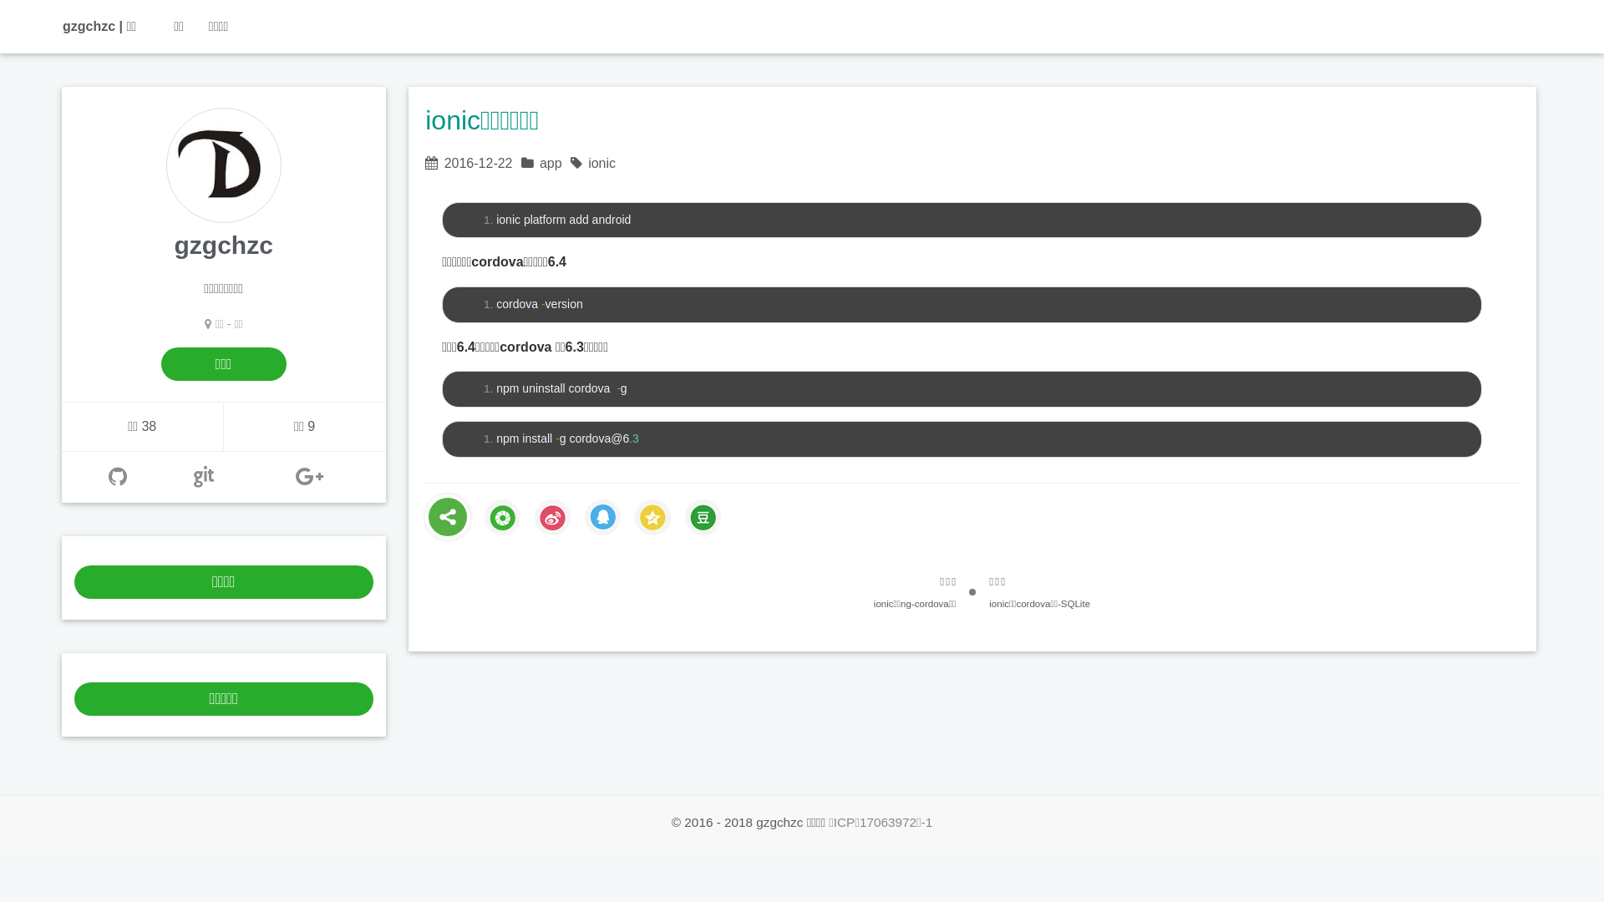  I want to click on '2016-12-22', so click(477, 163).